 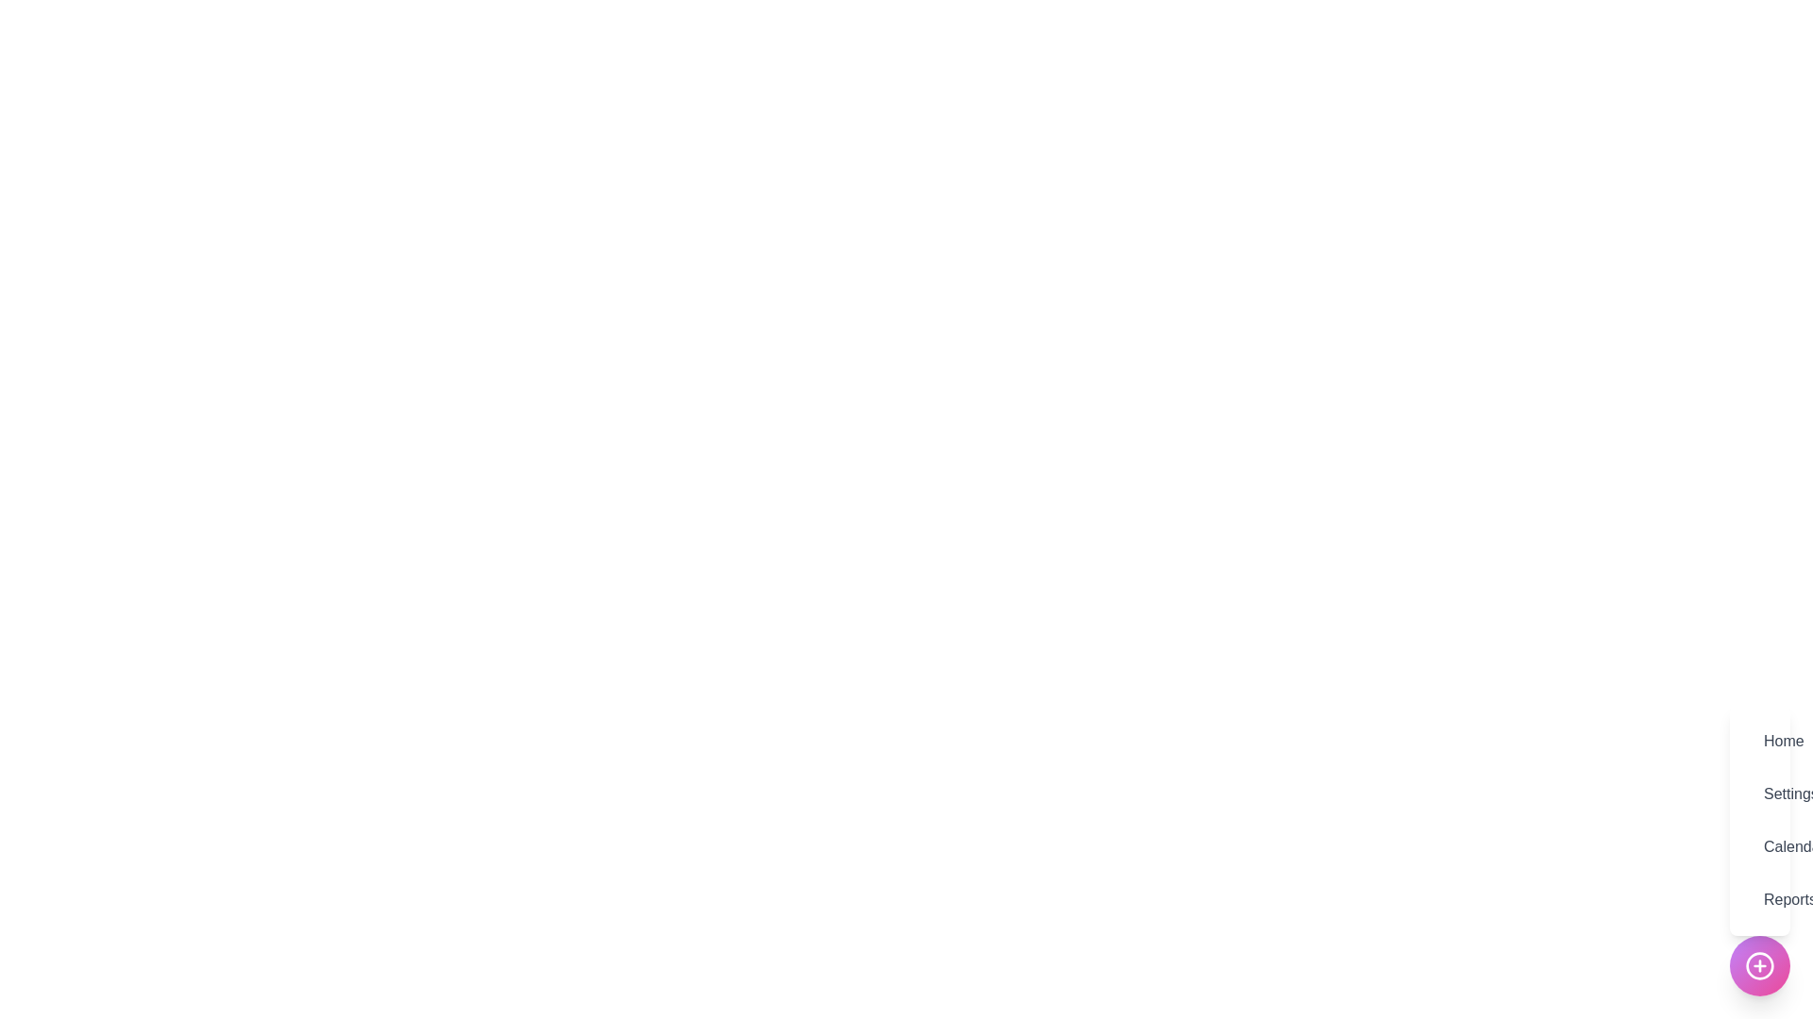 I want to click on the menu item Calendar to select it, so click(x=1758, y=846).